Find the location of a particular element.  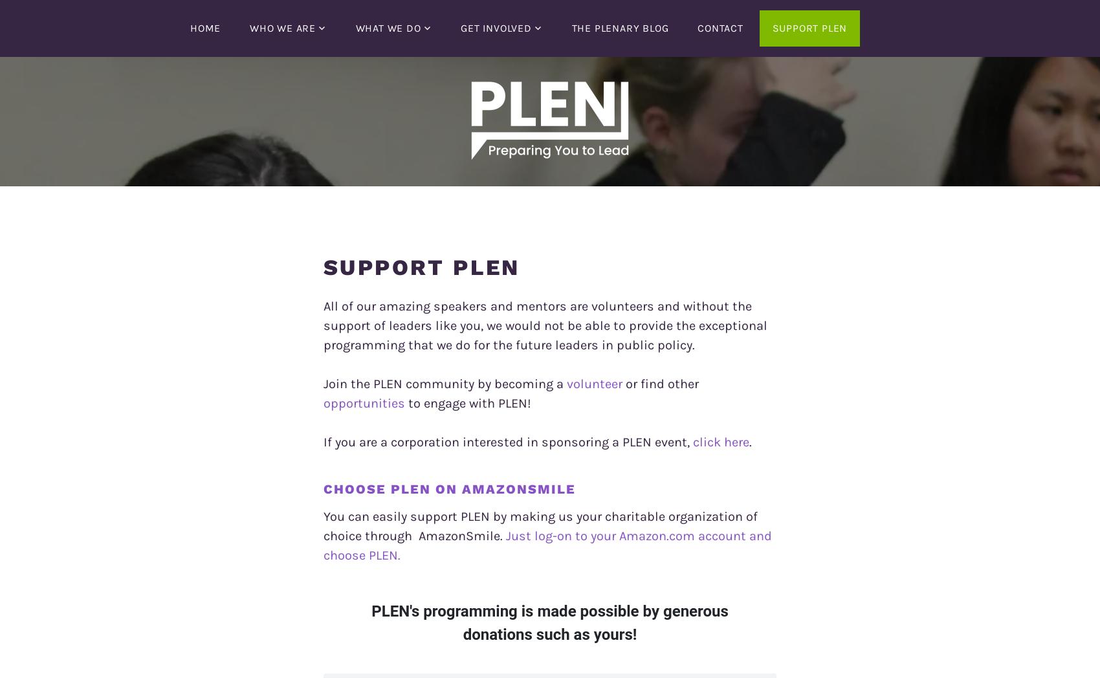

'You can easily support PLEN by making us your charitable organization of choice through  AmazonSmile.' is located at coordinates (540, 525).